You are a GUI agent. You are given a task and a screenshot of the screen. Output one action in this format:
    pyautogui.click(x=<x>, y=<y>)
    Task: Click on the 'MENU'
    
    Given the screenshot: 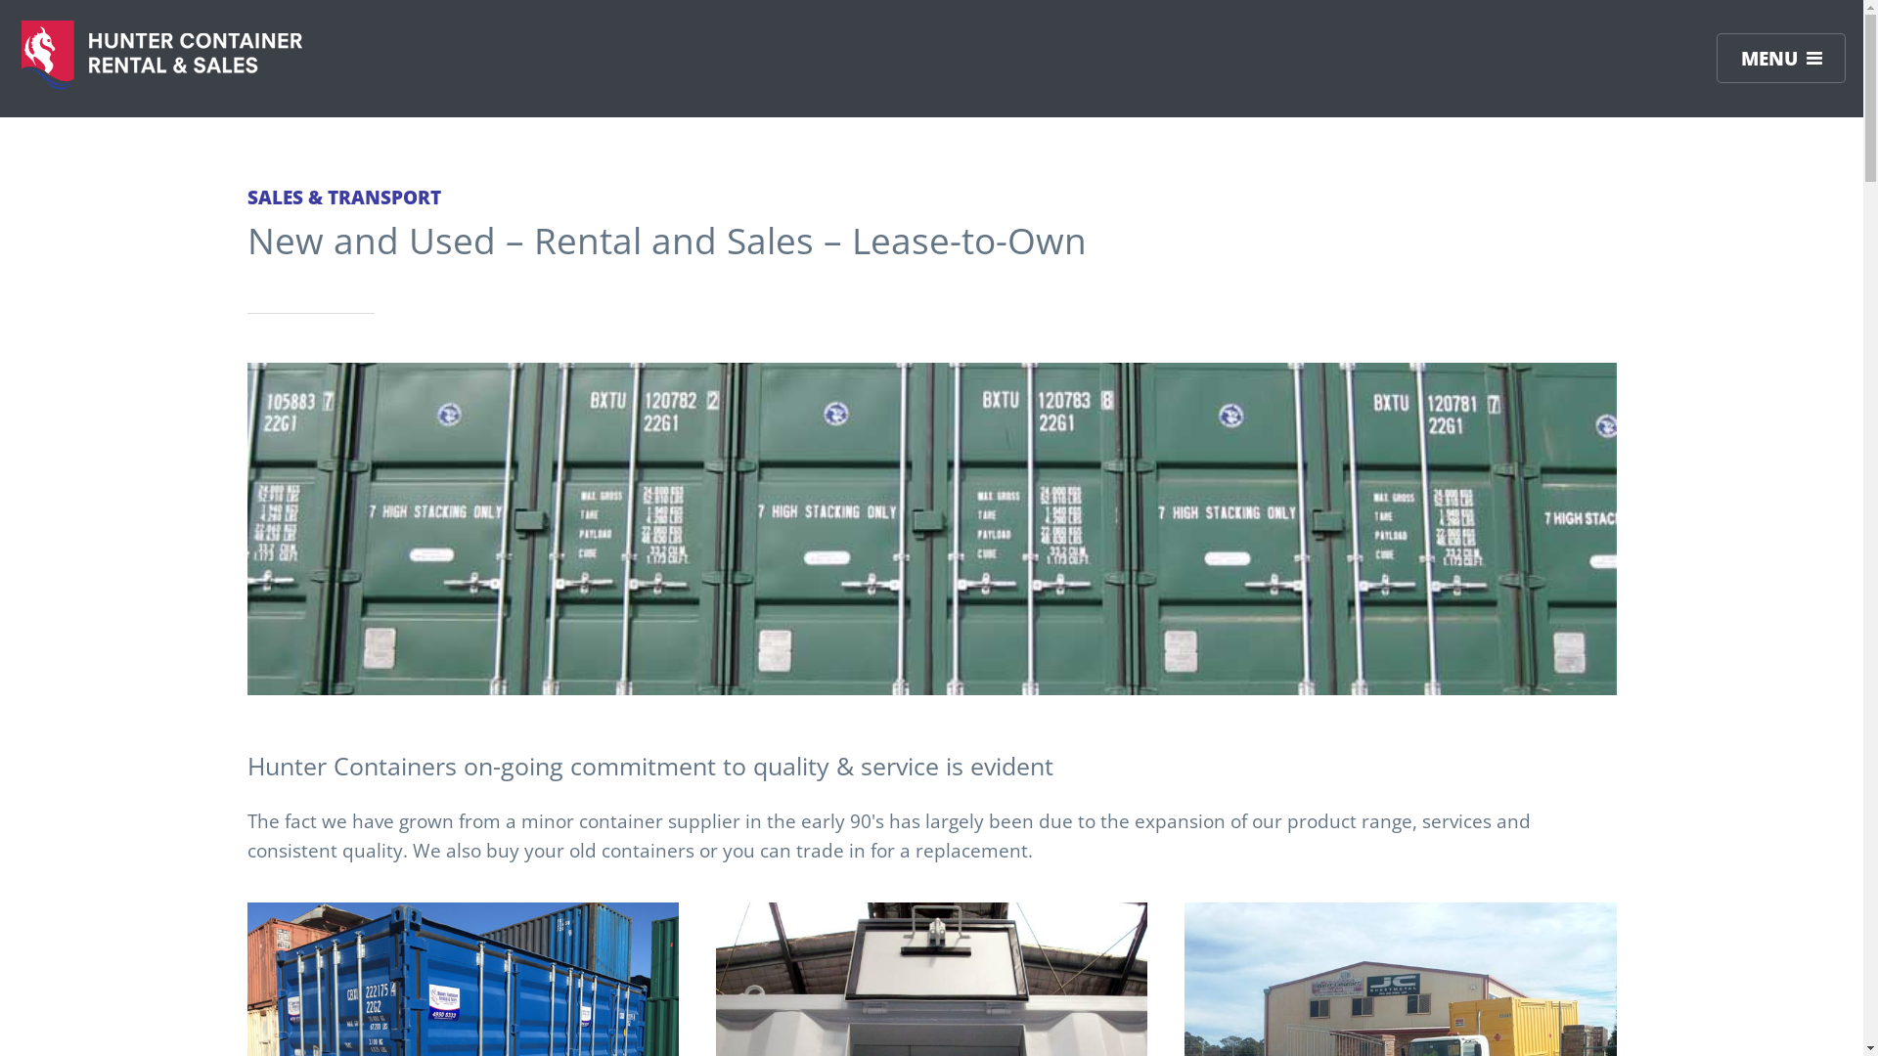 What is the action you would take?
    pyautogui.click(x=1717, y=57)
    